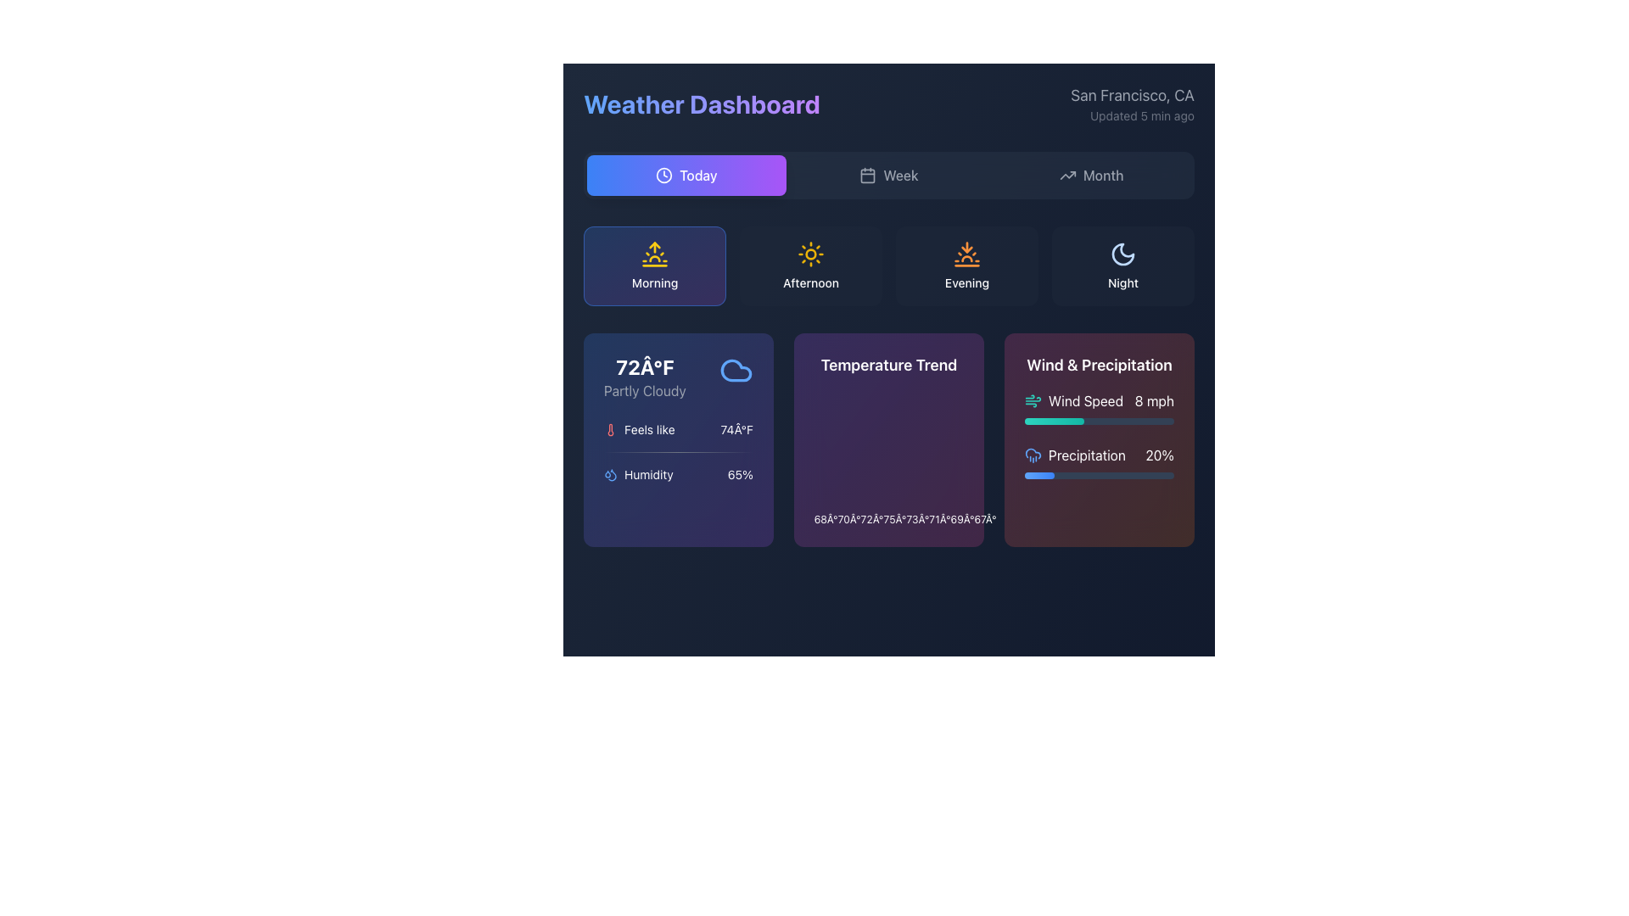 The image size is (1629, 916). I want to click on value displayed in the text label element showing '72Â°', which is located within the 'Temperature Trend' widget and is the fourth temperature value from the left, so click(872, 519).